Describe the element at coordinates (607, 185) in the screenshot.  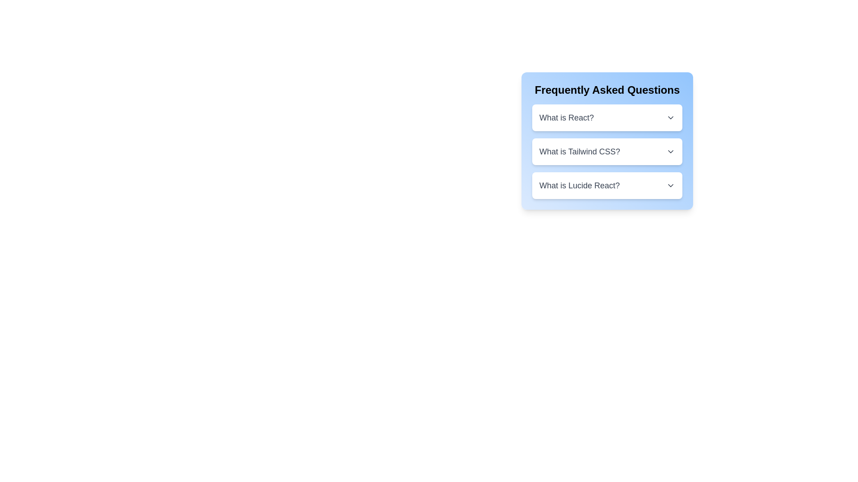
I see `the collapsible panel header for the question 'What is Lucide React?'` at that location.